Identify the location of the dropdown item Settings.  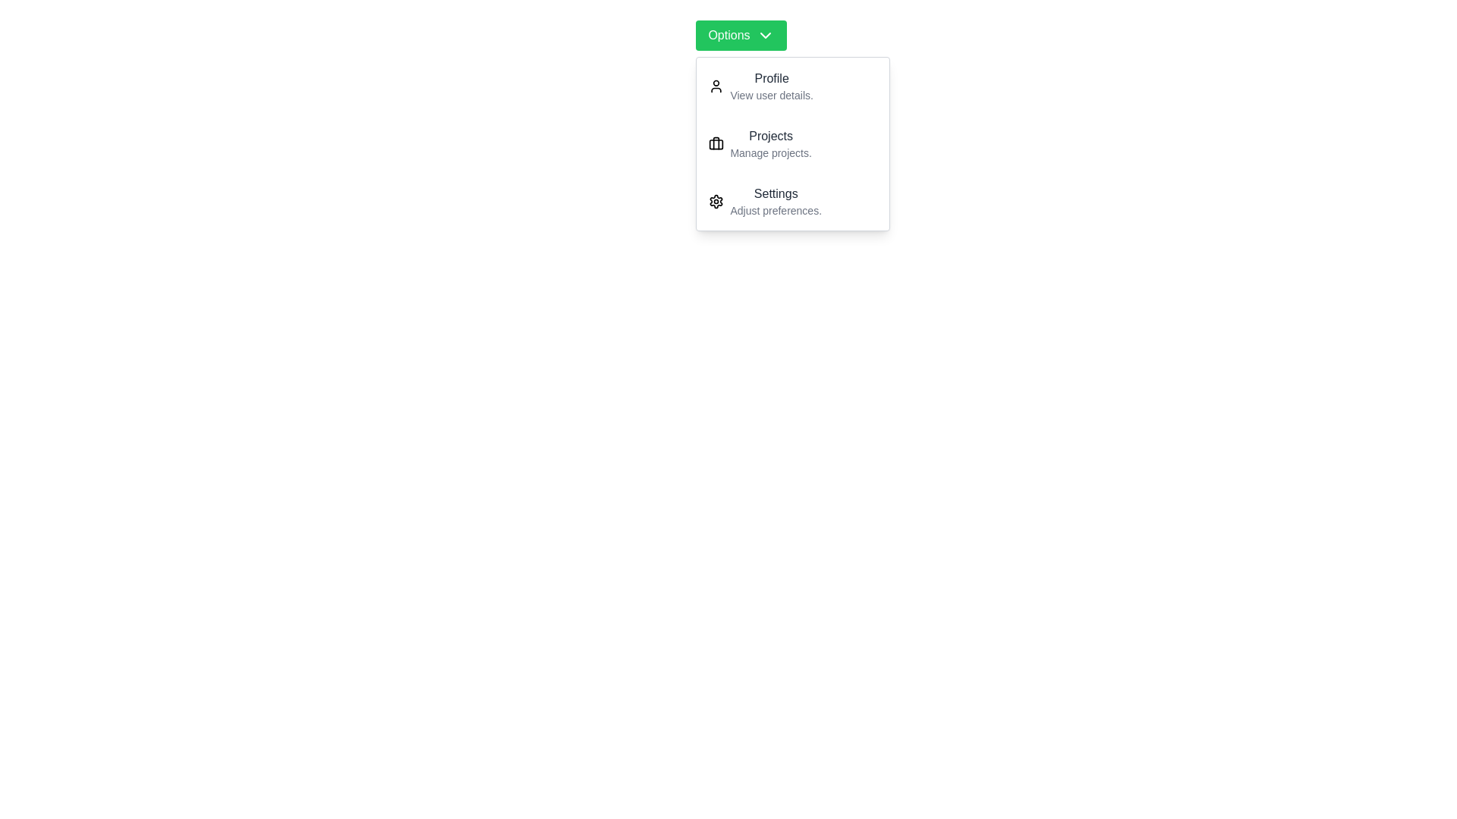
(792, 201).